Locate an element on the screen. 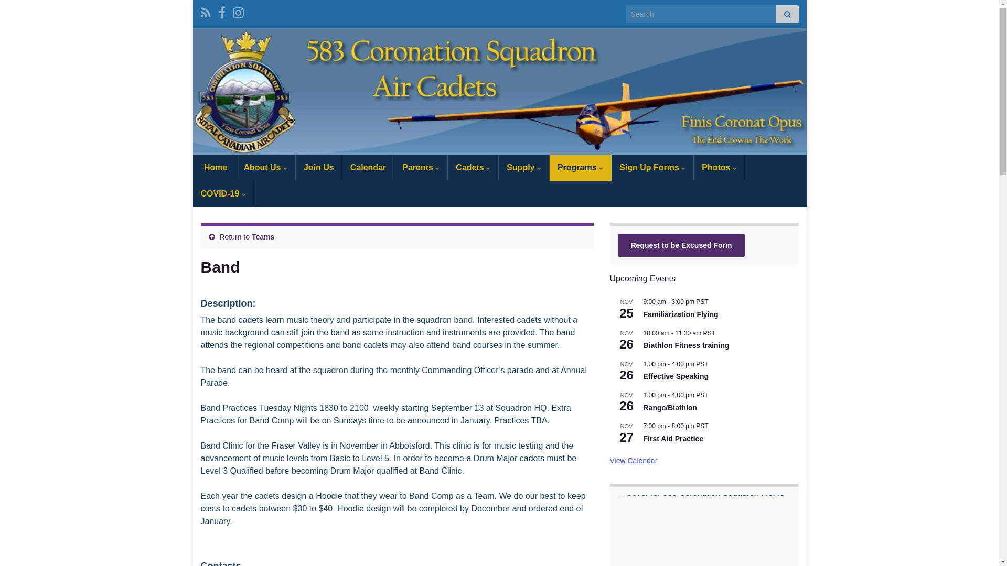 The height and width of the screenshot is (566, 1007). 'Teams' is located at coordinates (263, 236).